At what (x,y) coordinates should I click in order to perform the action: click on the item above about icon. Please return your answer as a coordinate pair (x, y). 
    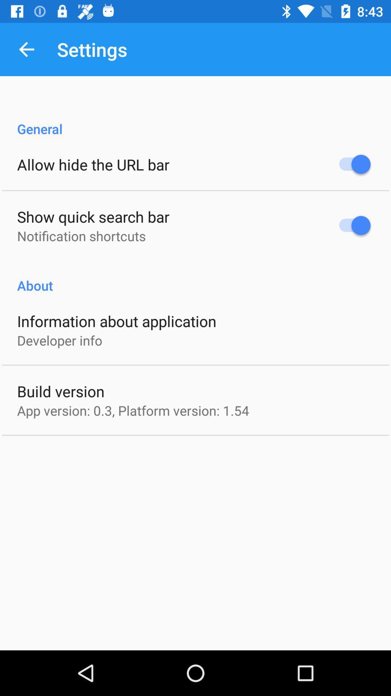
    Looking at the image, I should click on (81, 236).